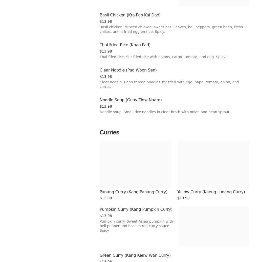  I want to click on 'Thai fried rice. Stir fried rice with onions, carrot, tomato, and egg. Spicy.', so click(162, 57).